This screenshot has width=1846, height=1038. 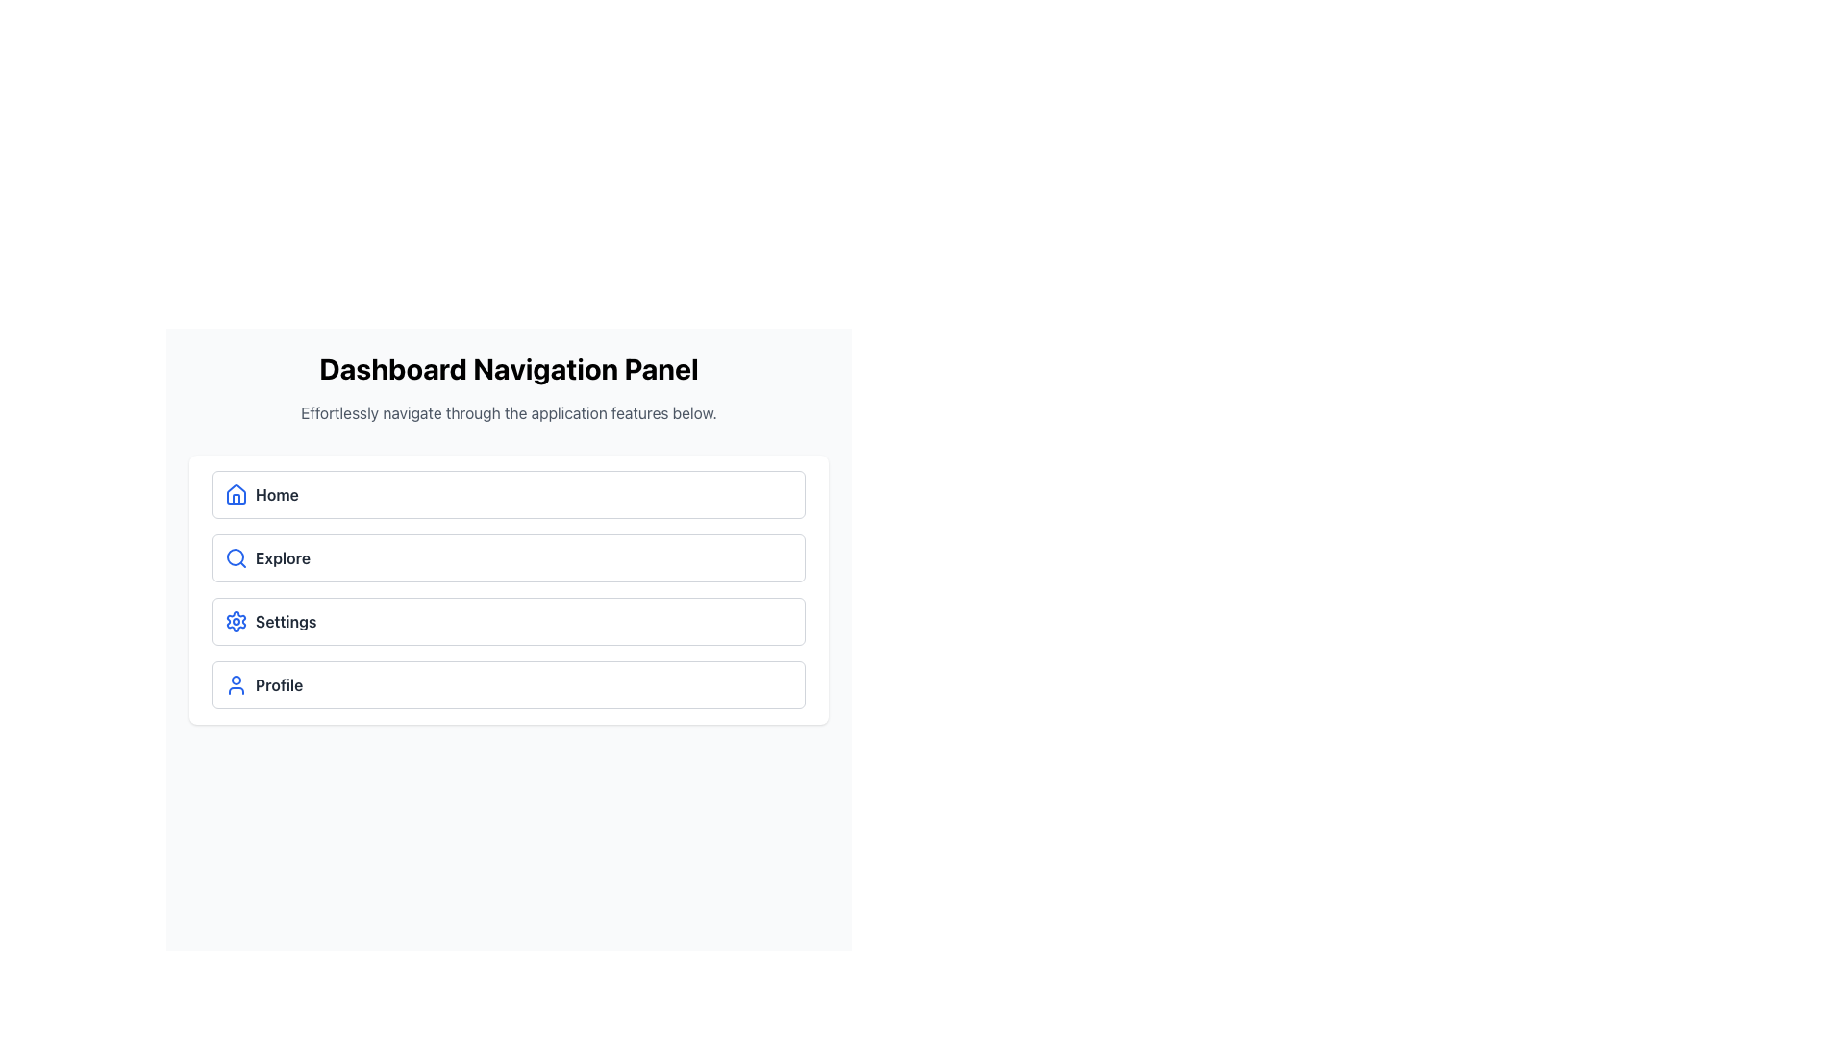 What do you see at coordinates (278, 684) in the screenshot?
I see `the 'Profile' text label, which is styled with a bold font and is part of a navigation menu at the bottom of a button containing a user avatar icon` at bounding box center [278, 684].